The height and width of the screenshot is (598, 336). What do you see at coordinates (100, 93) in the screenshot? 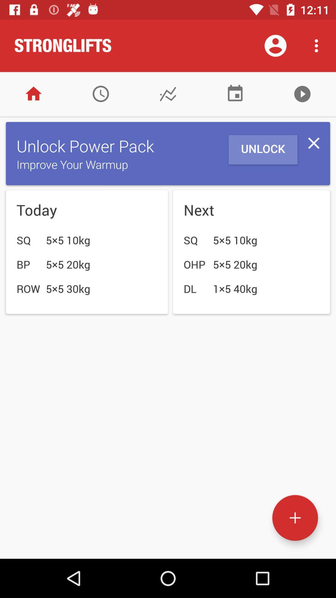
I see `set exercise timer` at bounding box center [100, 93].